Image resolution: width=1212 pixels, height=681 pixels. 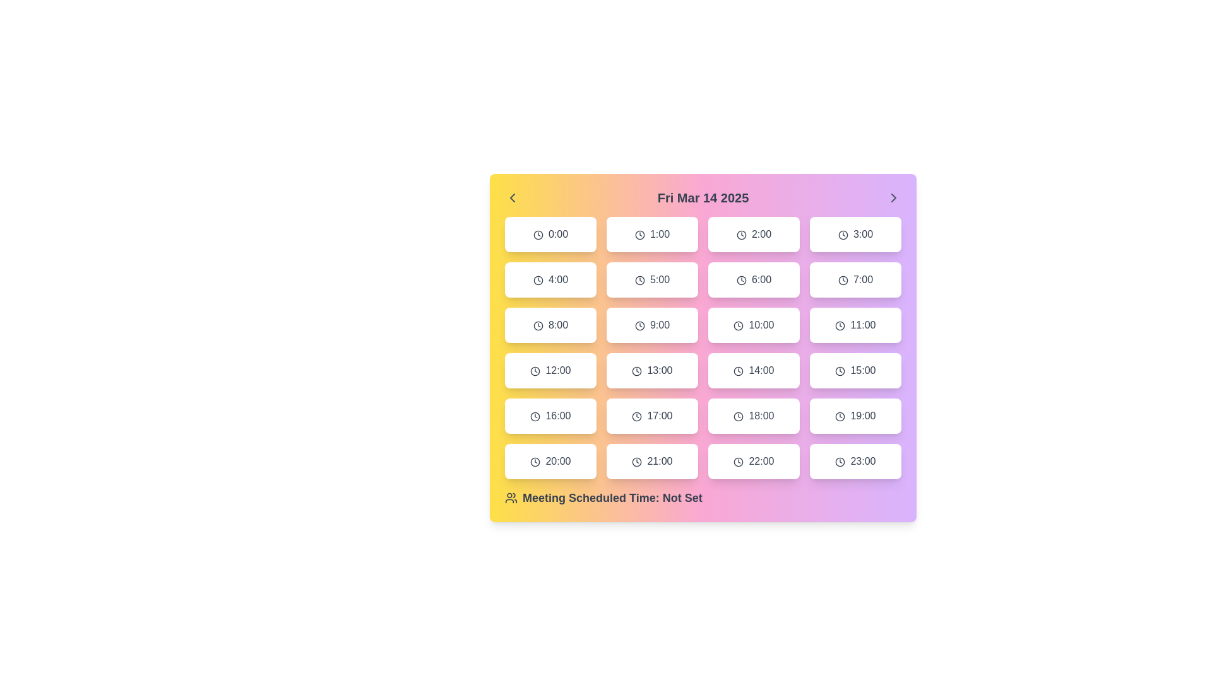 What do you see at coordinates (741, 279) in the screenshot?
I see `the clock icon embedded in the button labeled '6:00', which is located in the second row and third column of the grid layout` at bounding box center [741, 279].